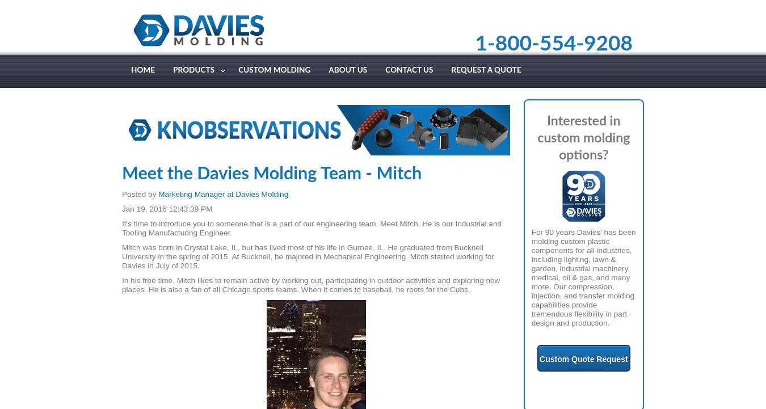 This screenshot has height=409, width=766. What do you see at coordinates (203, 242) in the screenshot?
I see `'Two Shot / Soft Touch'` at bounding box center [203, 242].